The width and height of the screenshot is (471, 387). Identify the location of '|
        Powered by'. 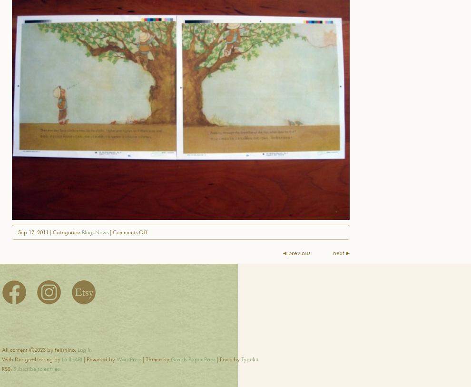
(82, 359).